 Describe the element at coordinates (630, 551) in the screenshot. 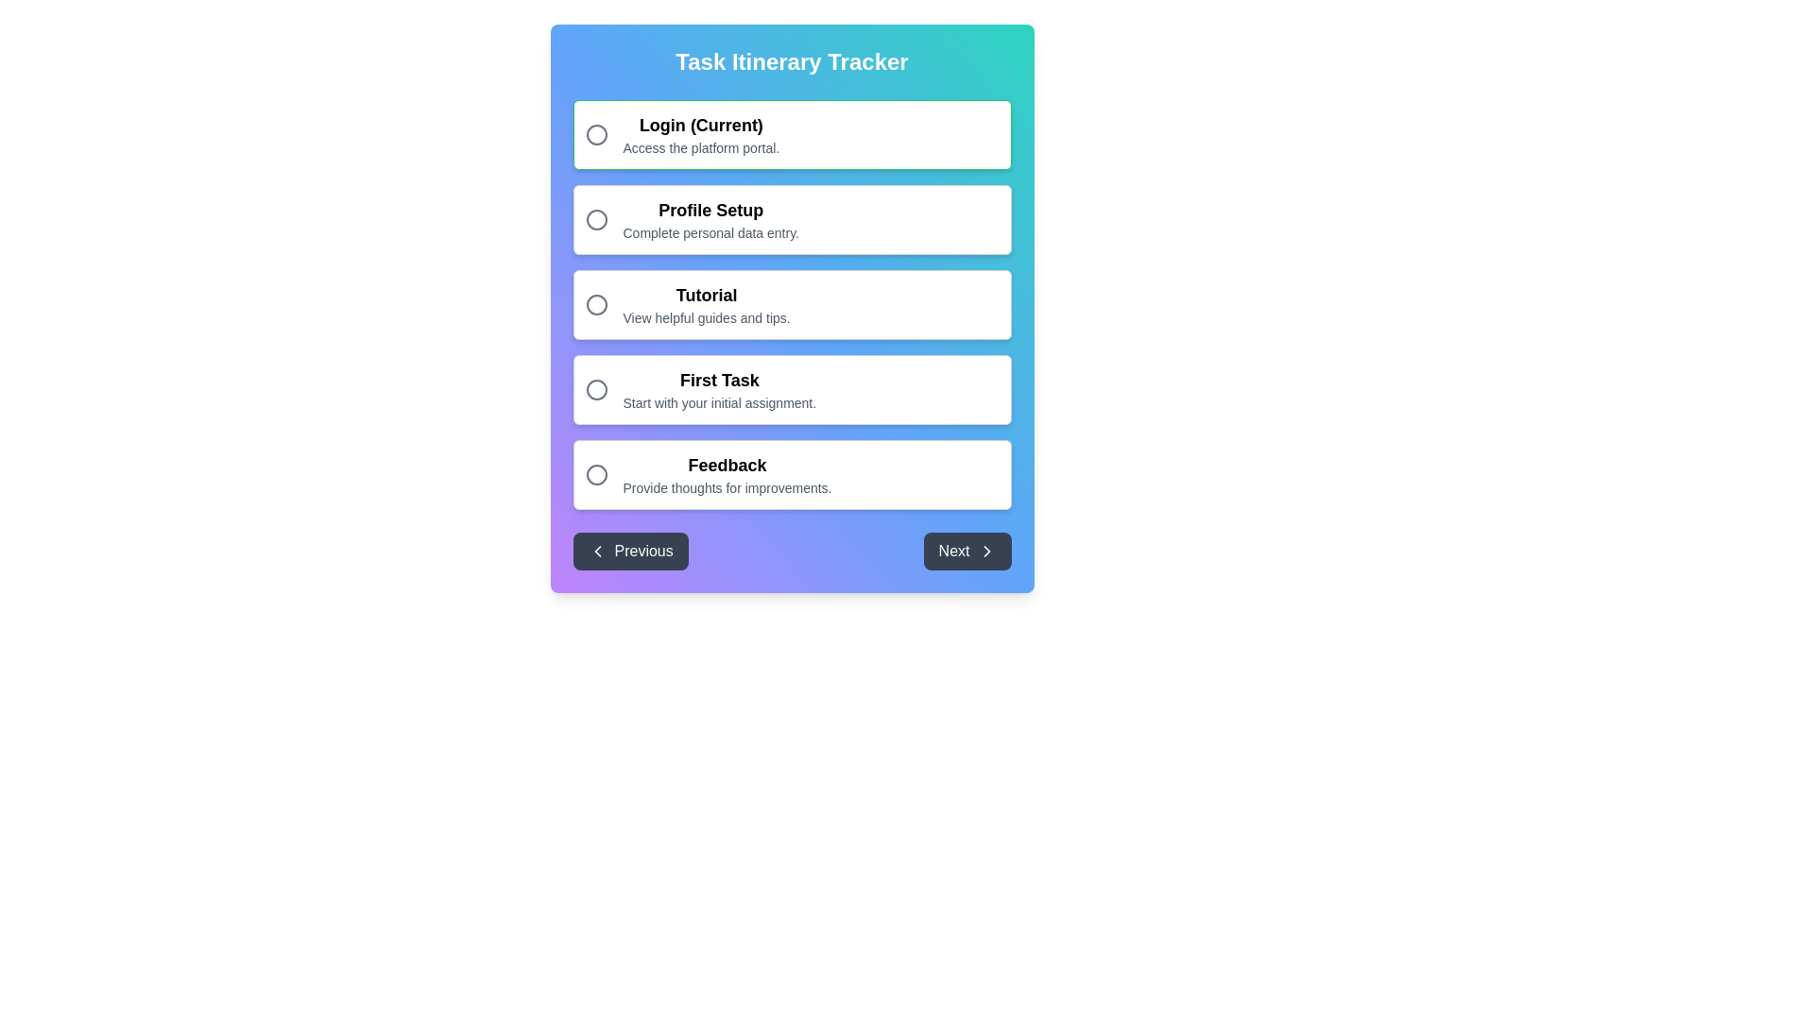

I see `the 'Previous' button with a dark gray background and white text` at that location.